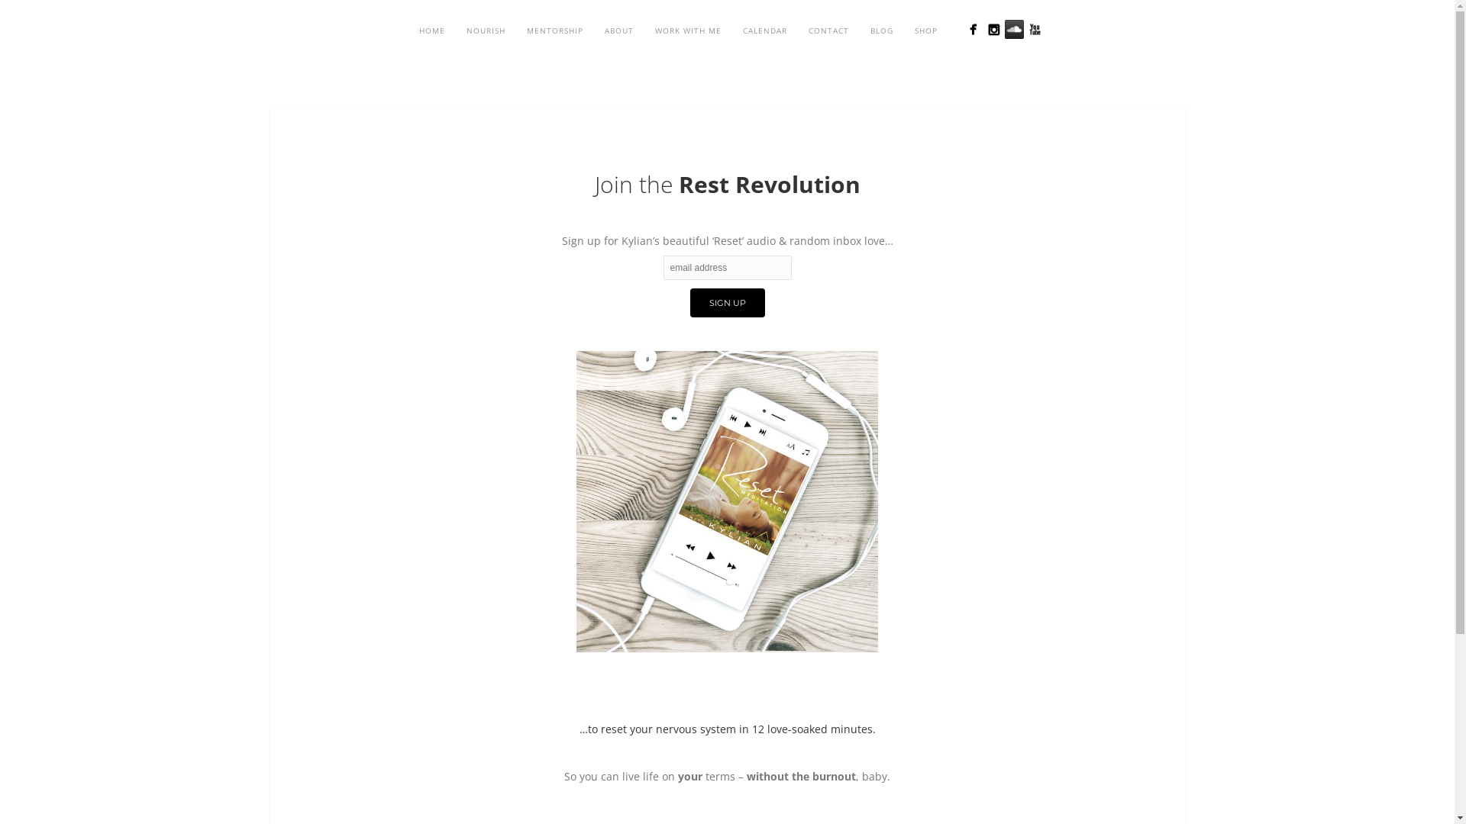 This screenshot has height=824, width=1466. I want to click on 'Soundcloud', so click(1004, 29).